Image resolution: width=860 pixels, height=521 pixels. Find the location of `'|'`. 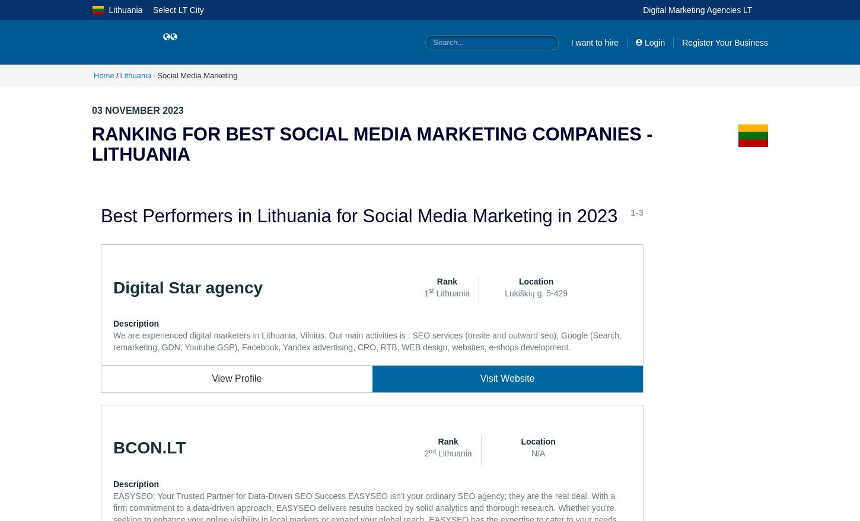

'|' is located at coordinates (151, 9).